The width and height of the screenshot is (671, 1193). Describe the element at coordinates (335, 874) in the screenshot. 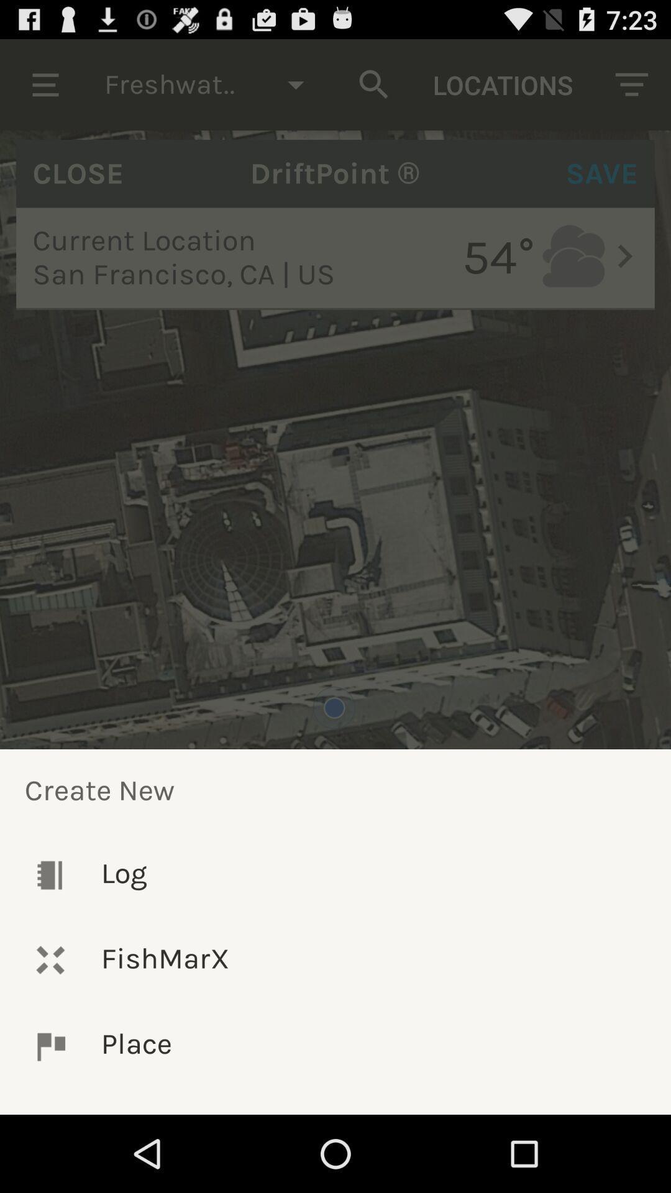

I see `the icon below create new item` at that location.